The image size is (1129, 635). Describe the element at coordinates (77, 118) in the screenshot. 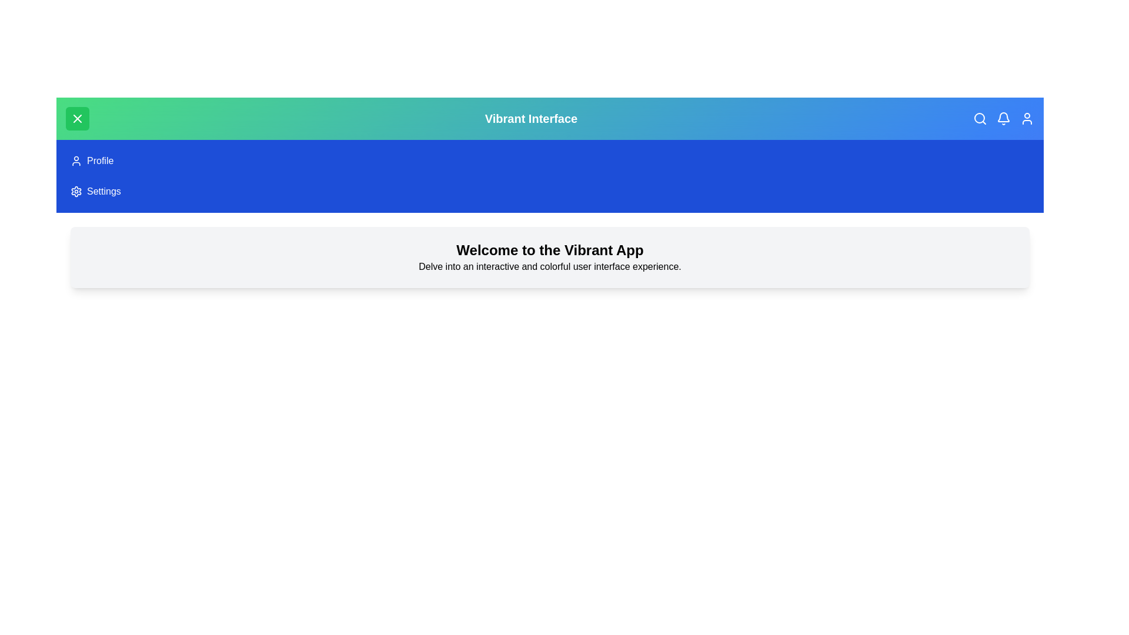

I see `the menu button to toggle the side menu visibility` at that location.